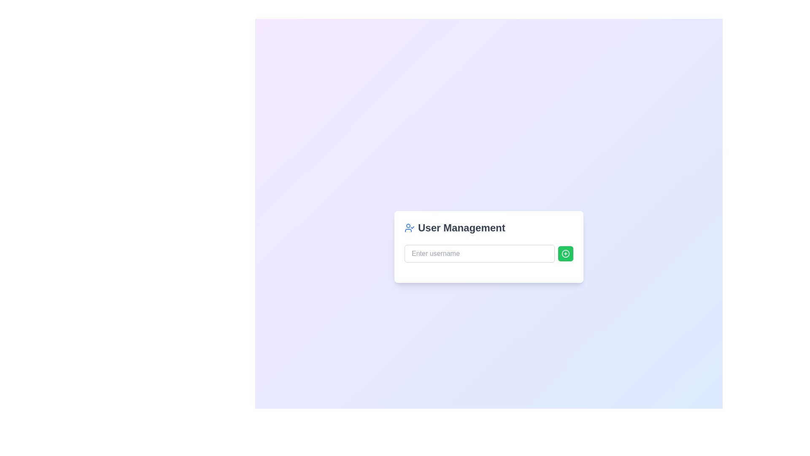  I want to click on the bold text label reading 'User Management' located prominently at the top of the interface's card-like section, positioned to the right of the user icon, so click(461, 228).